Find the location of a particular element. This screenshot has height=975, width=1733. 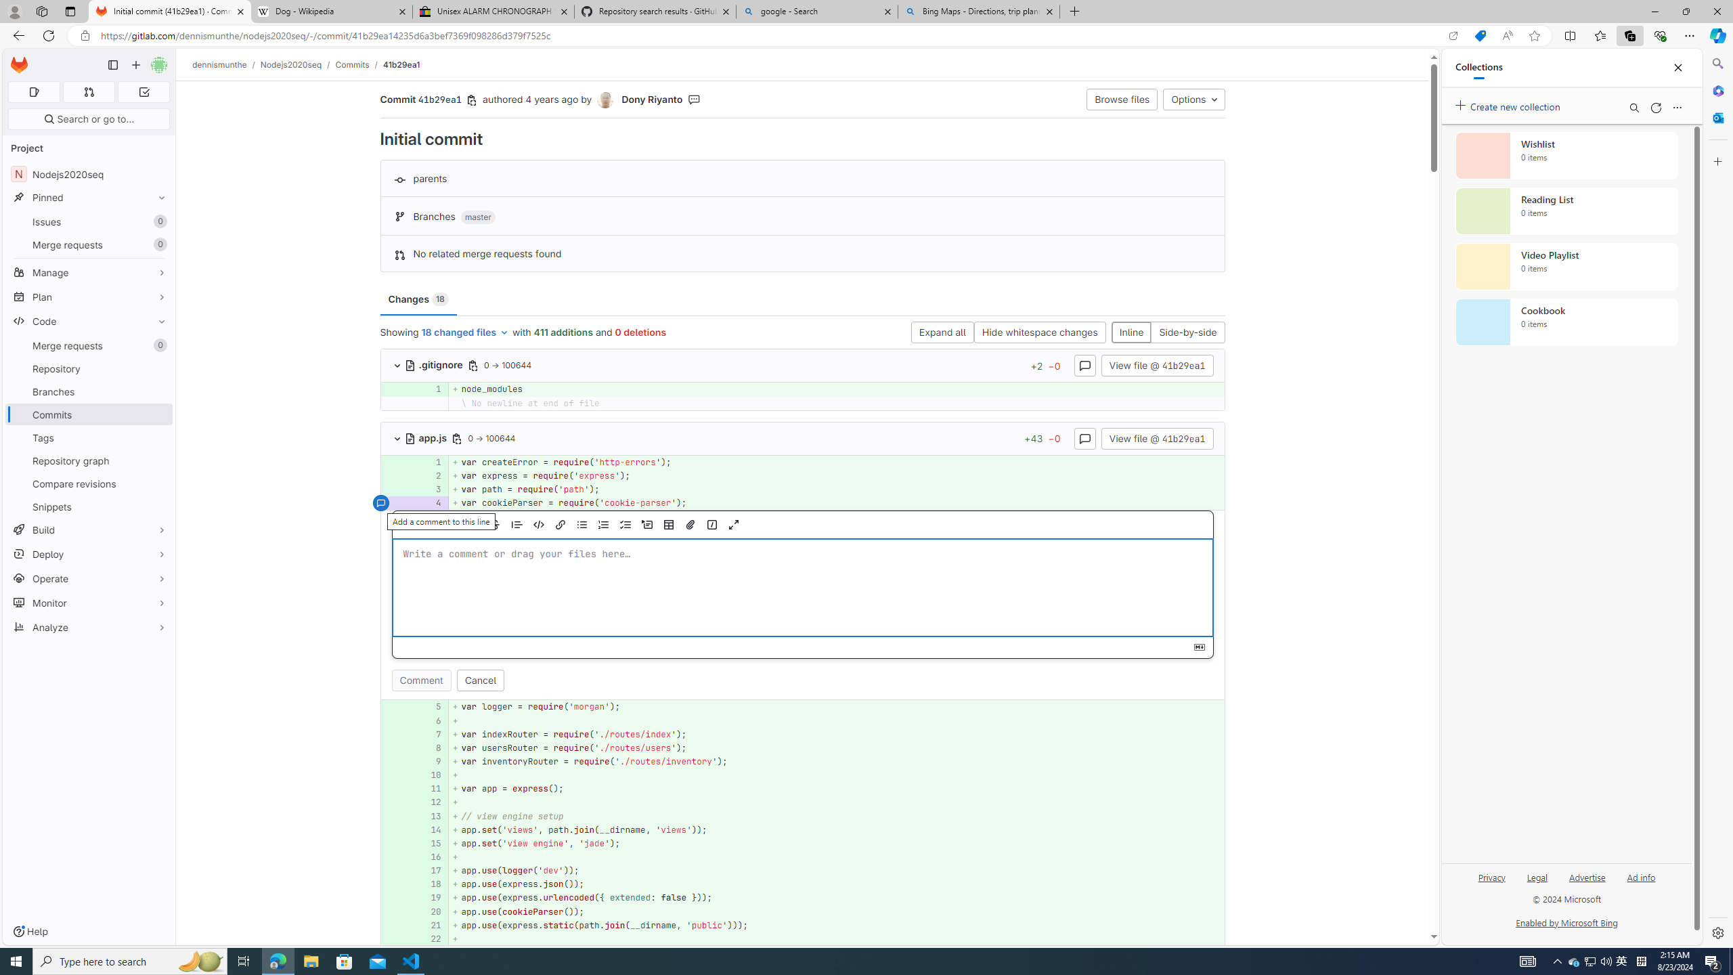

'AutomationID: 4a68969ef8e858229267b842dedf42ab5dde4d50_0_9' is located at coordinates (803, 762).